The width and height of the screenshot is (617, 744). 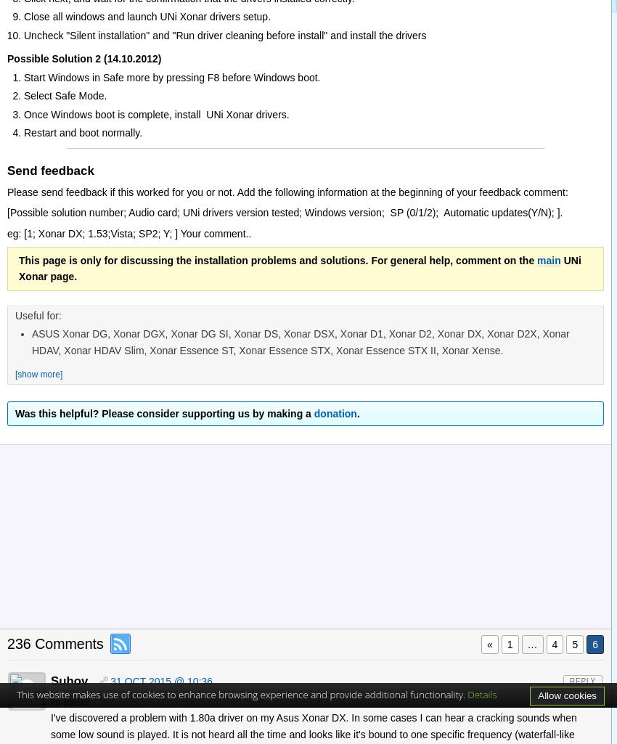 I want to click on 'Suhov', so click(x=68, y=681).